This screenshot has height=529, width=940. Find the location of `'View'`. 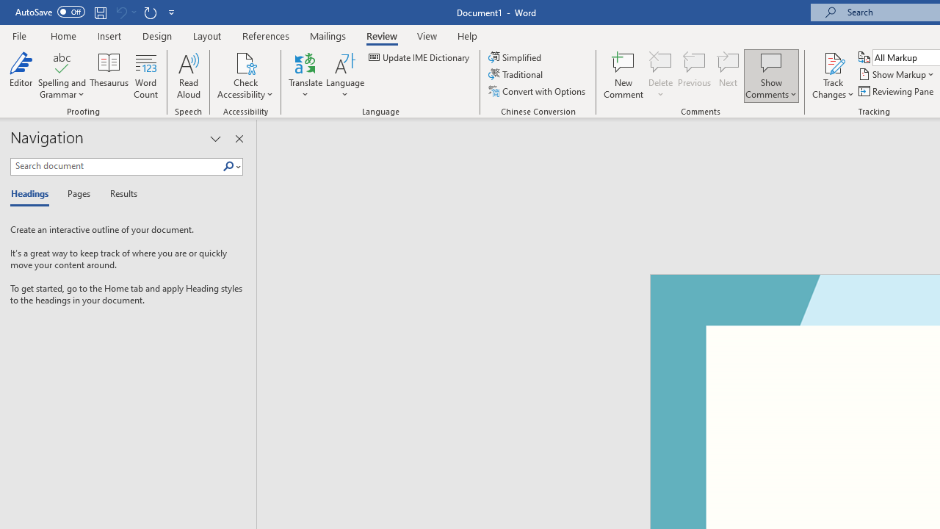

'View' is located at coordinates (427, 35).